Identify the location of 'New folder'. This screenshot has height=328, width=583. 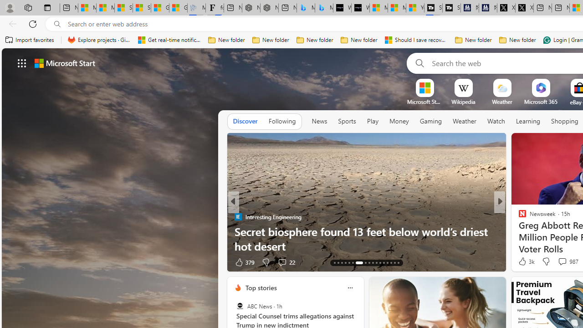
(517, 40).